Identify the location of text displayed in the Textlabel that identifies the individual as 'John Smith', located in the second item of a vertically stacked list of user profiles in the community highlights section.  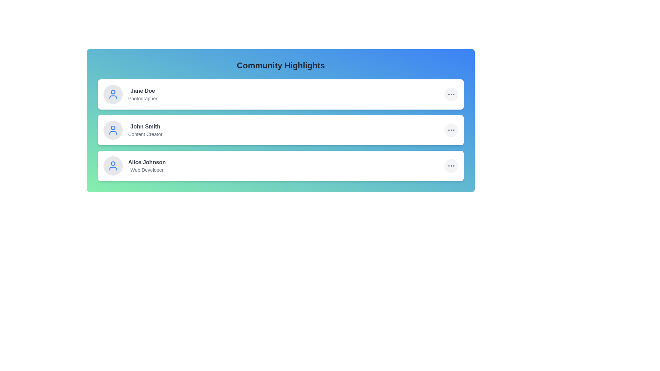
(145, 127).